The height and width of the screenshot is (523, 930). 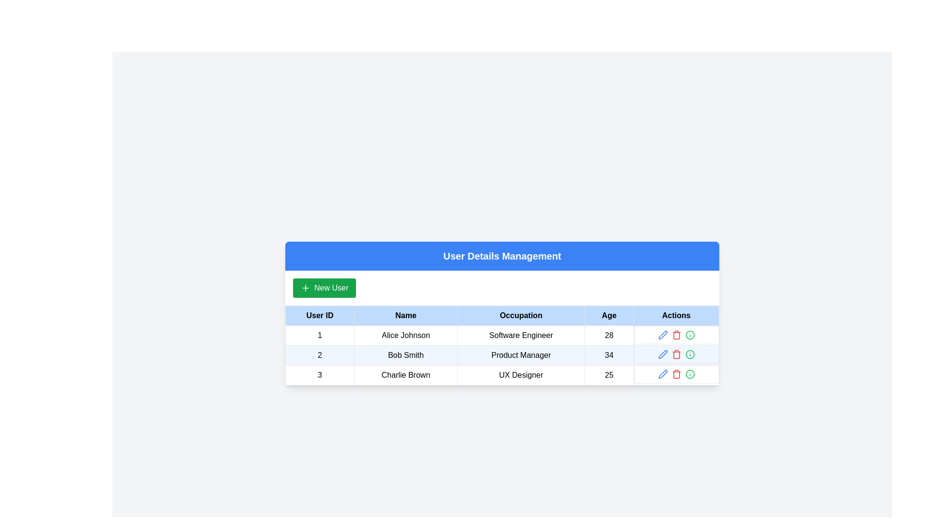 What do you see at coordinates (320, 355) in the screenshot?
I see `the text label displaying the unique identifier (ID) of the second user, 'Bob Smith', in the first column of the second row of the table under 'User Details Management'` at bounding box center [320, 355].